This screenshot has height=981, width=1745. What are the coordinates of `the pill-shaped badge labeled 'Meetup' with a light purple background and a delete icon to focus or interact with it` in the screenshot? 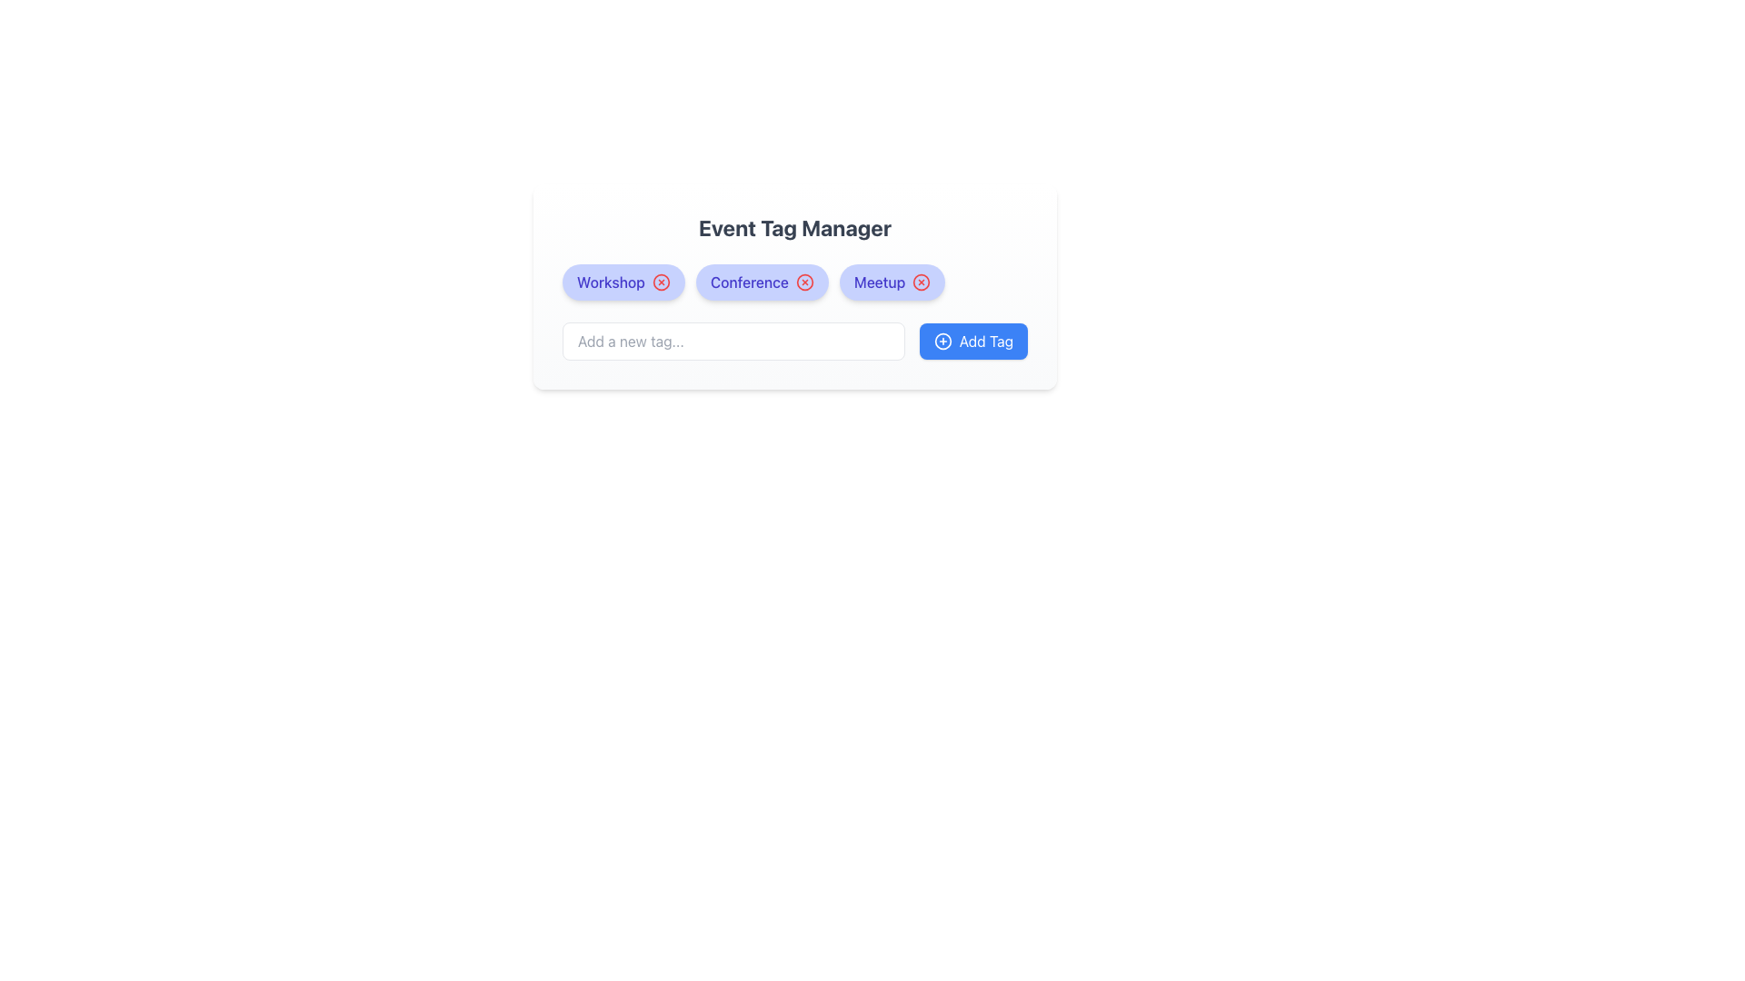 It's located at (892, 282).